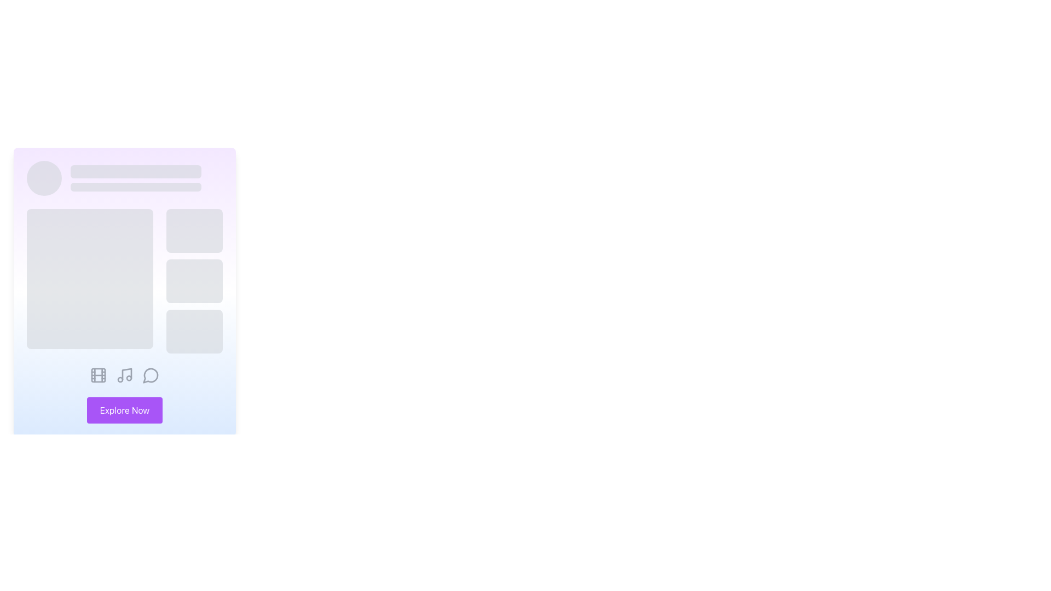  What do you see at coordinates (124, 375) in the screenshot?
I see `the musical note icon in the bottom navigation bar` at bounding box center [124, 375].